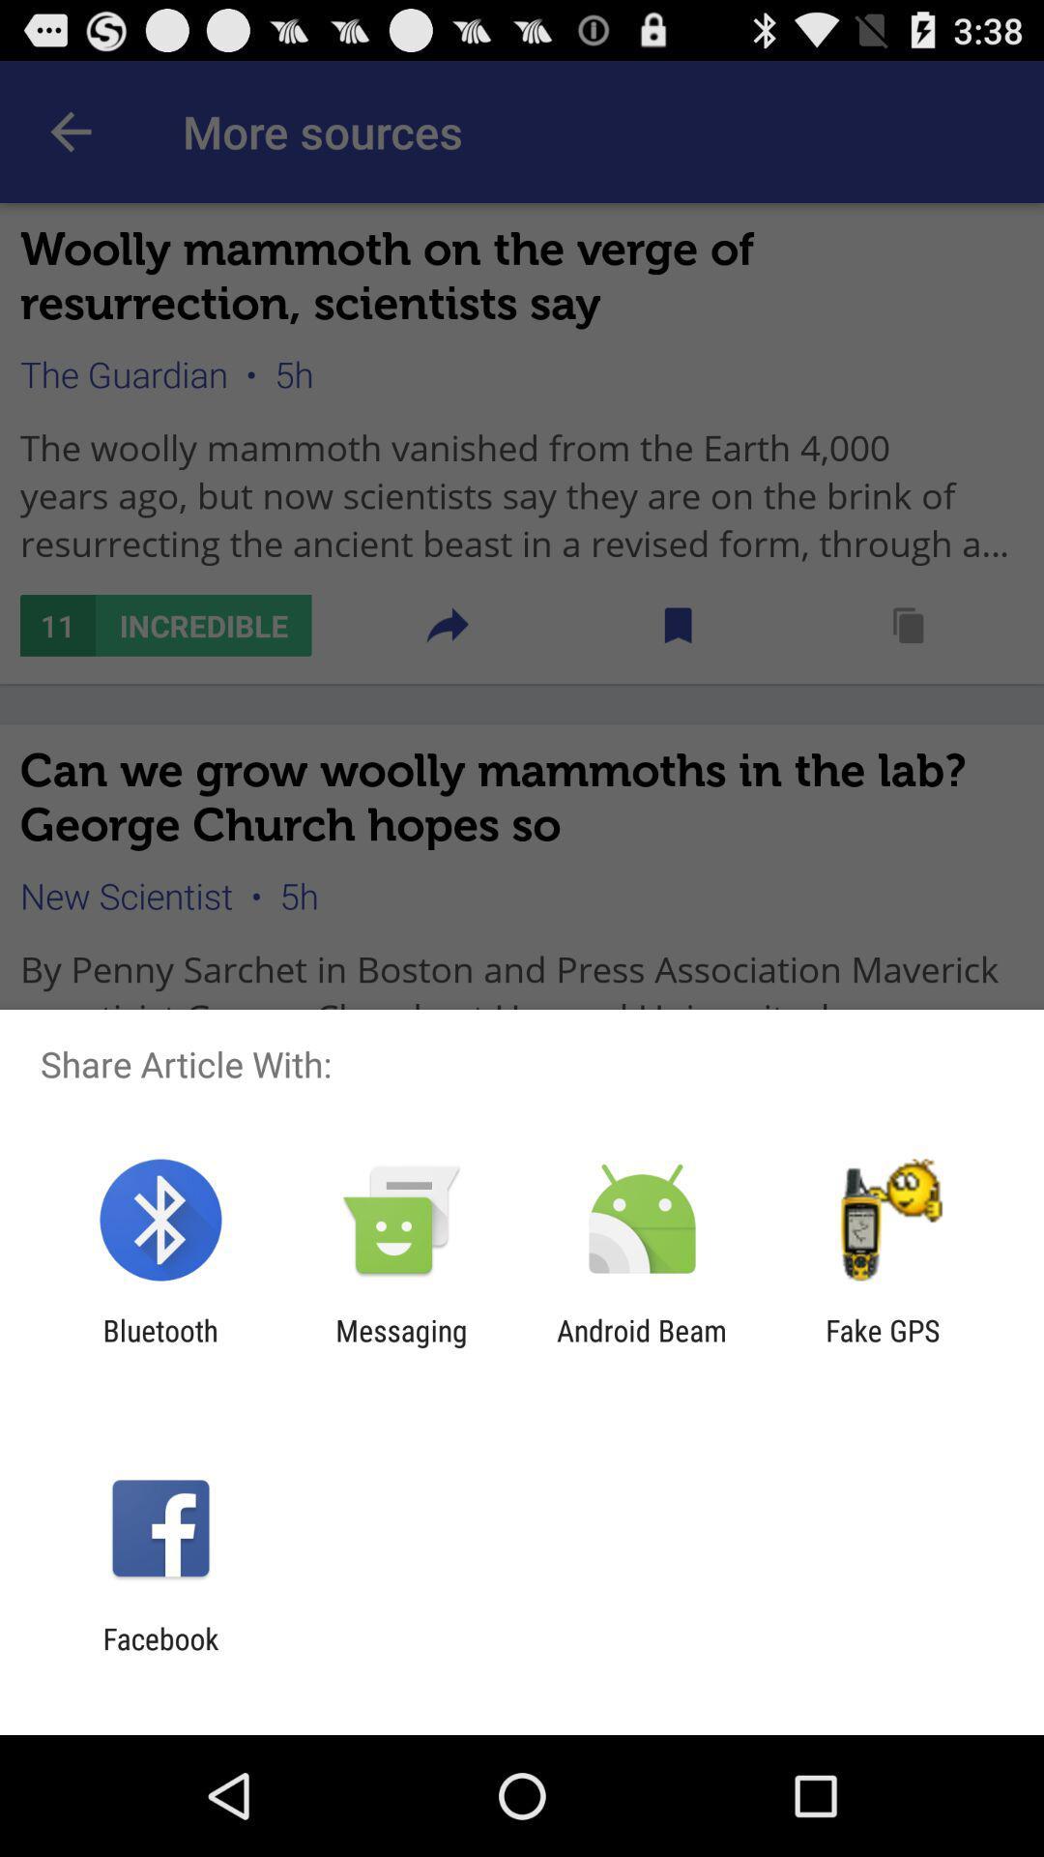  I want to click on icon next to fake gps icon, so click(642, 1346).